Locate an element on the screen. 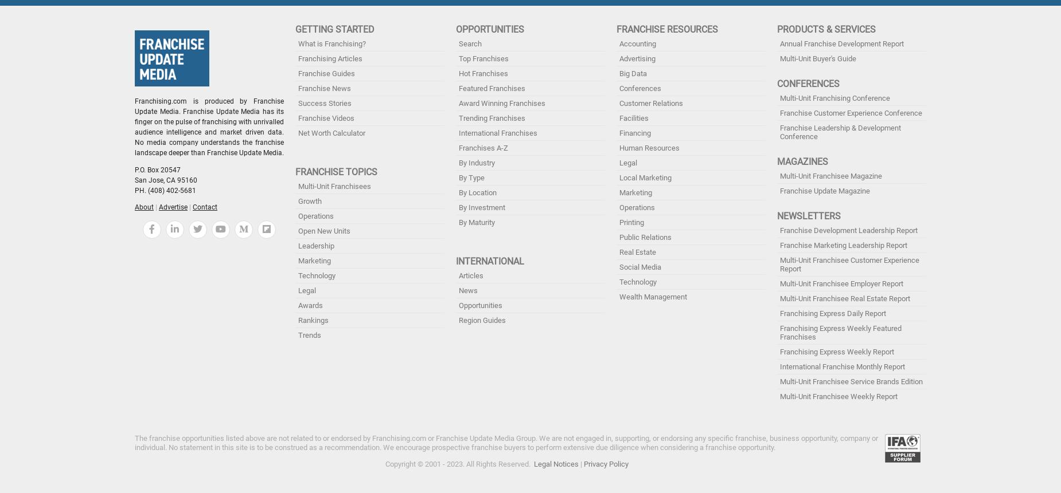 The width and height of the screenshot is (1061, 493). 'Local Marketing' is located at coordinates (645, 177).